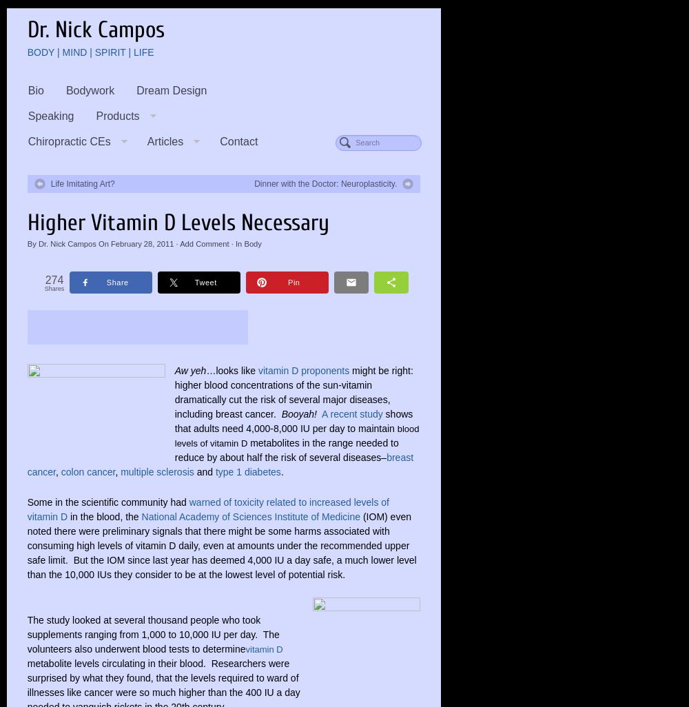  Describe the element at coordinates (53, 287) in the screenshot. I see `'Shares'` at that location.